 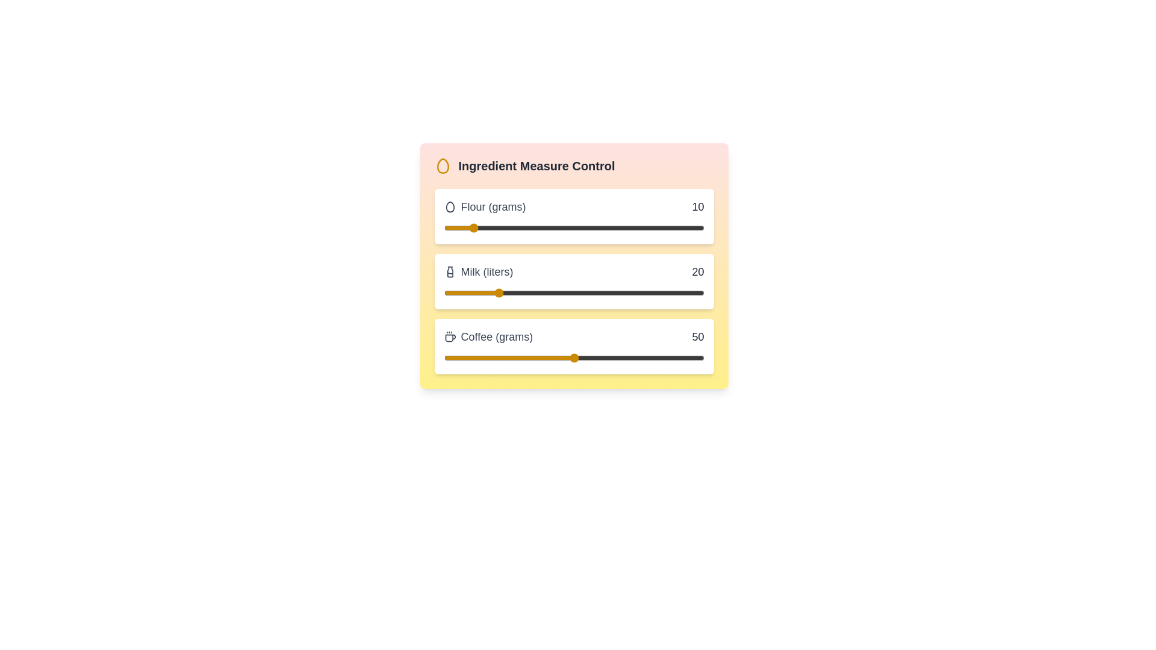 What do you see at coordinates (442, 166) in the screenshot?
I see `the egg icon located at the top-left of the Ingredient Measure Control interface` at bounding box center [442, 166].